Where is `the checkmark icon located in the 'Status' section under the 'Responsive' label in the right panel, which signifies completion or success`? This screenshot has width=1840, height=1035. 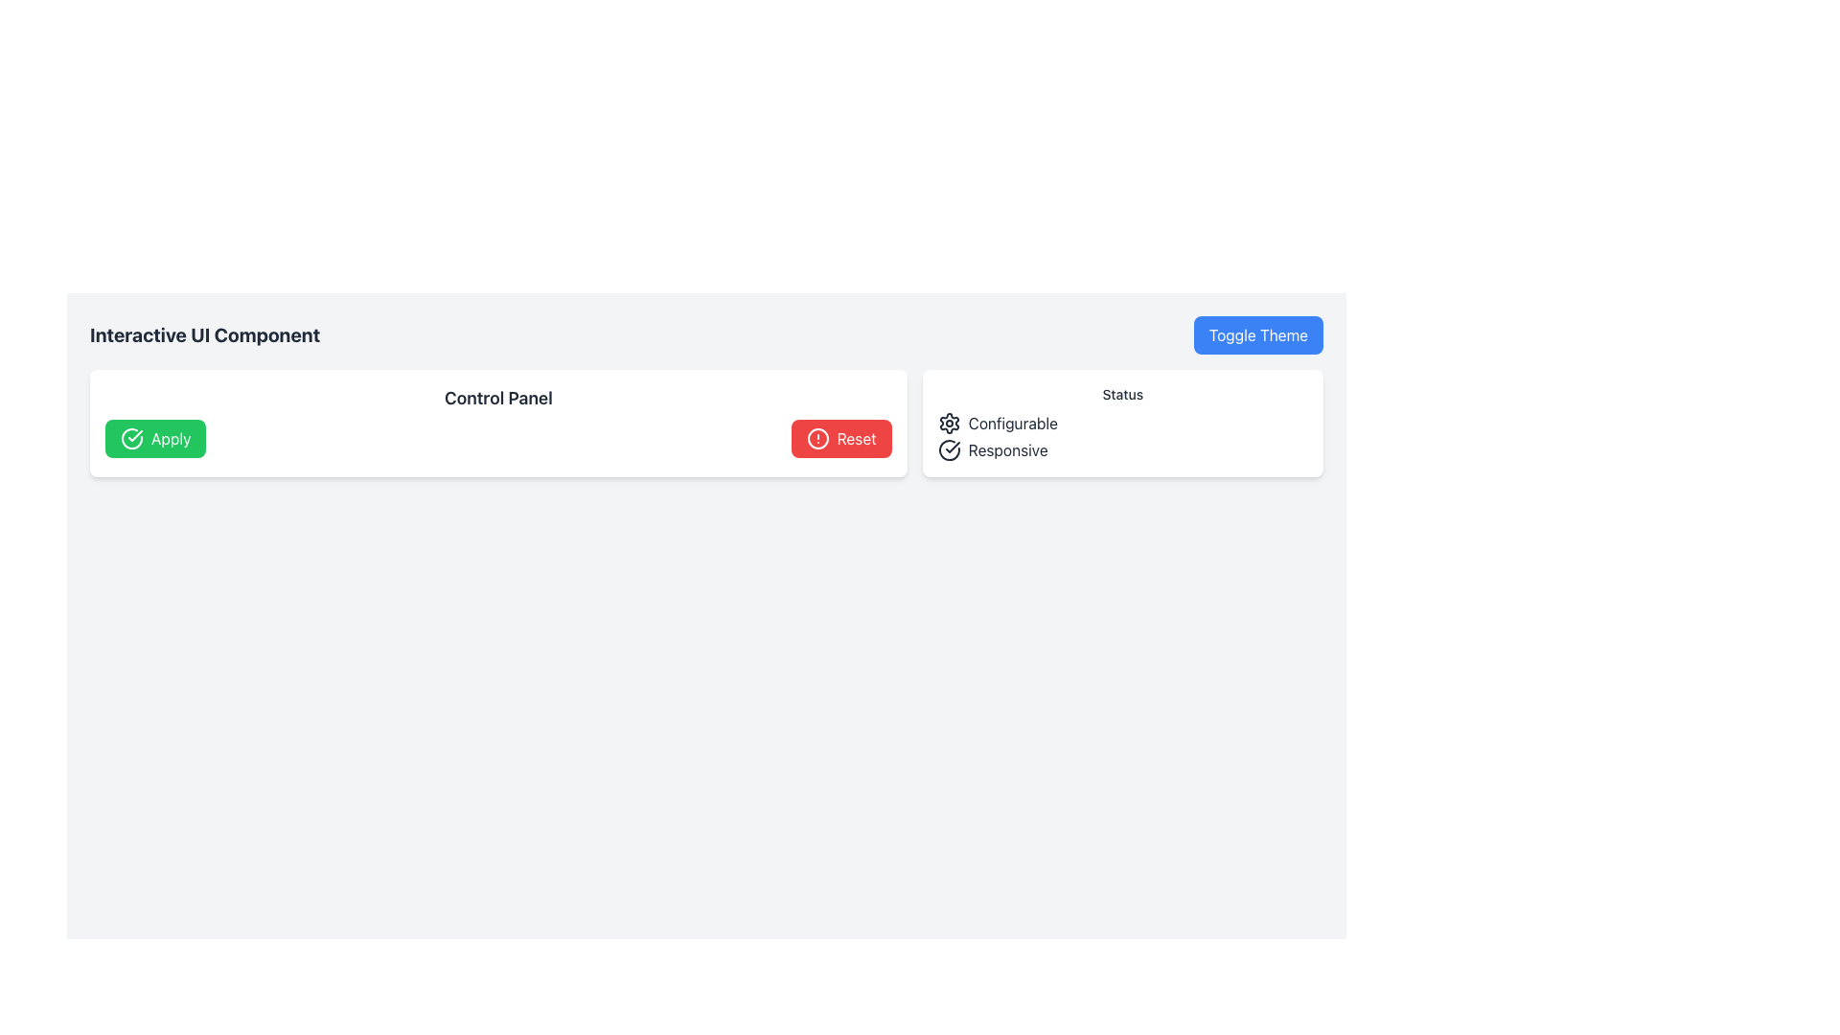 the checkmark icon located in the 'Status' section under the 'Responsive' label in the right panel, which signifies completion or success is located at coordinates (953, 447).